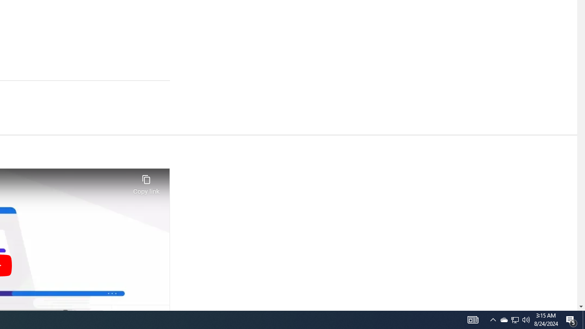 The image size is (585, 329). Describe the element at coordinates (146, 182) in the screenshot. I see `'Copy link'` at that location.